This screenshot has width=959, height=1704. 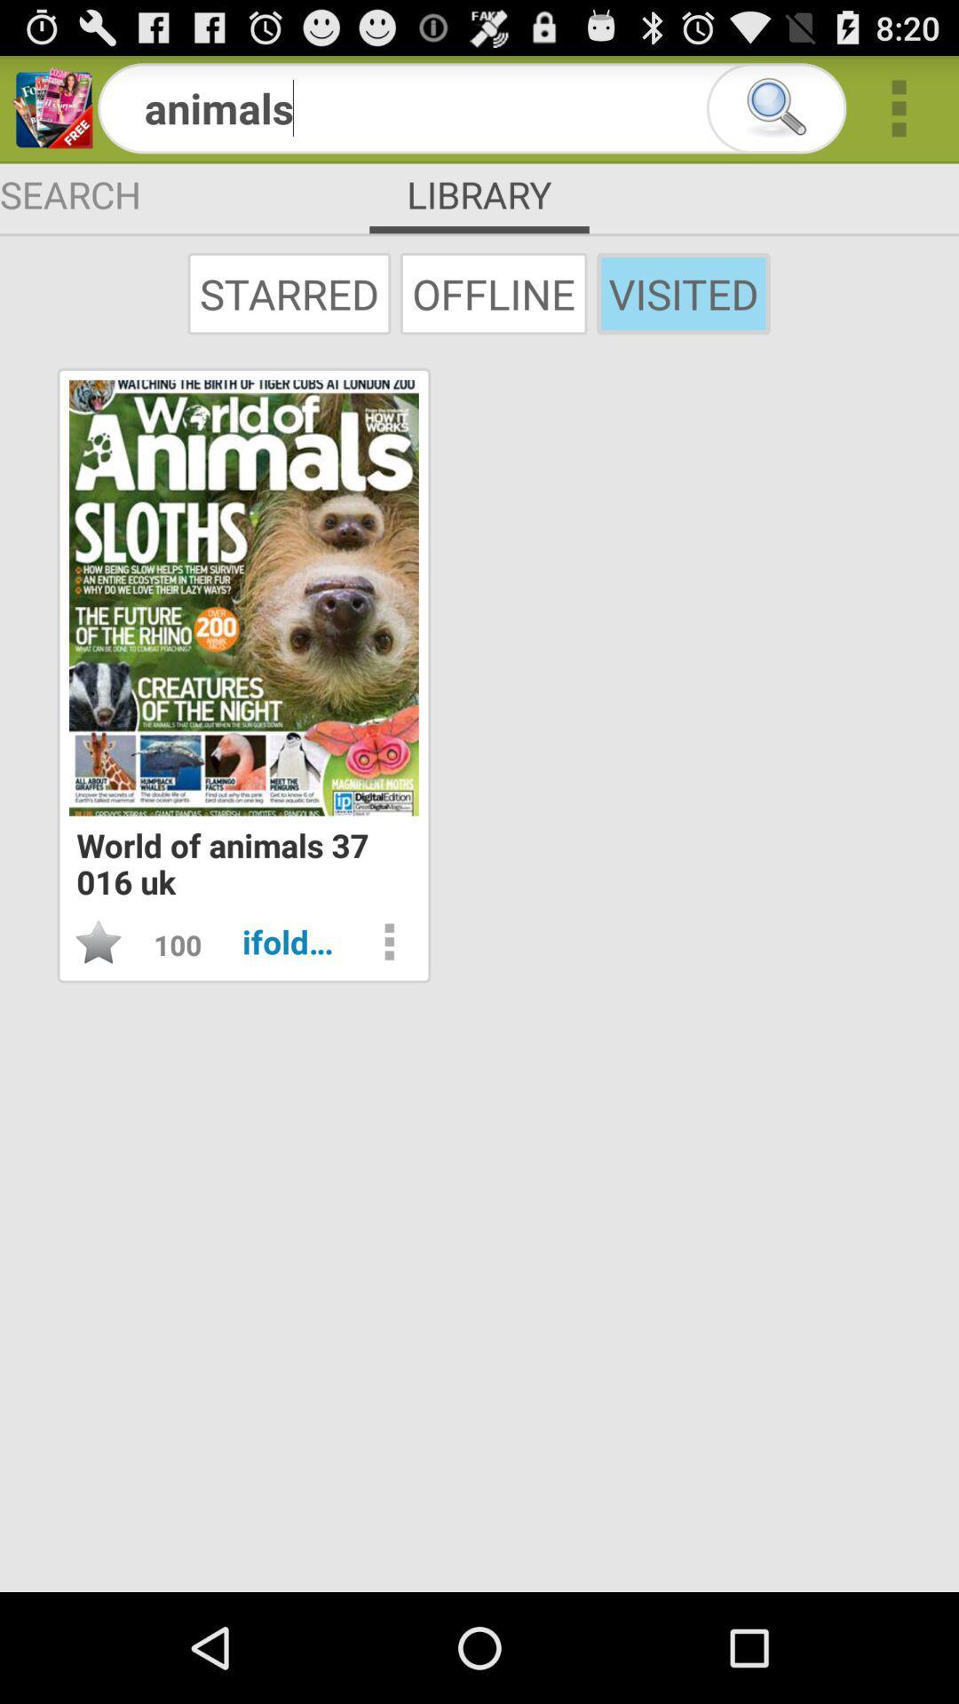 I want to click on button to open up main menu, so click(x=899, y=107).